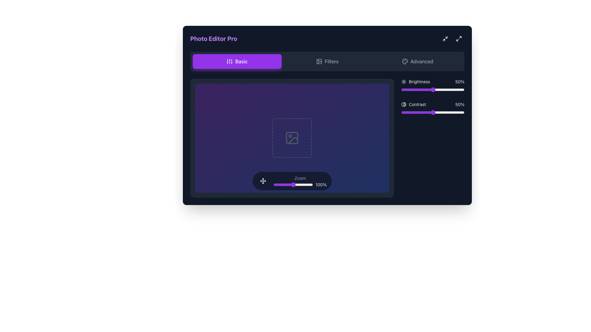  Describe the element at coordinates (447, 90) in the screenshot. I see `slider value` at that location.